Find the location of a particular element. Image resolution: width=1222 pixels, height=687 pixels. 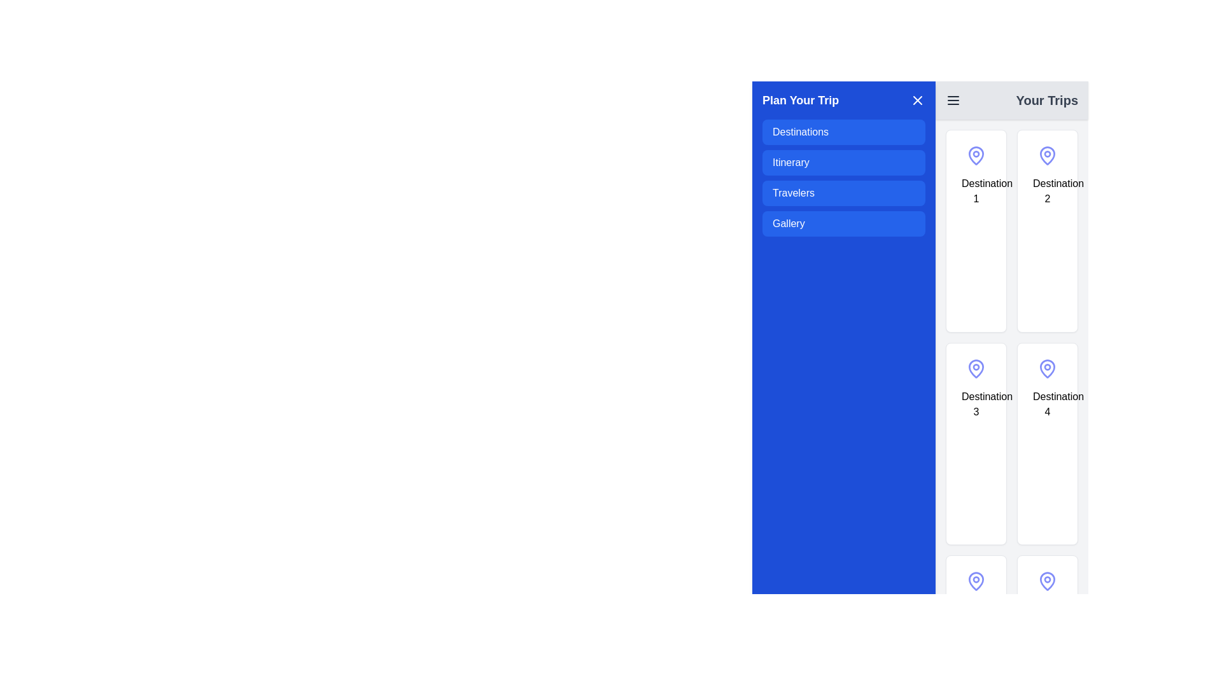

the pin icon with a blue-purple outline located at the top section of the 'Destination 3' card in the 'Your Trips' section is located at coordinates (976, 368).